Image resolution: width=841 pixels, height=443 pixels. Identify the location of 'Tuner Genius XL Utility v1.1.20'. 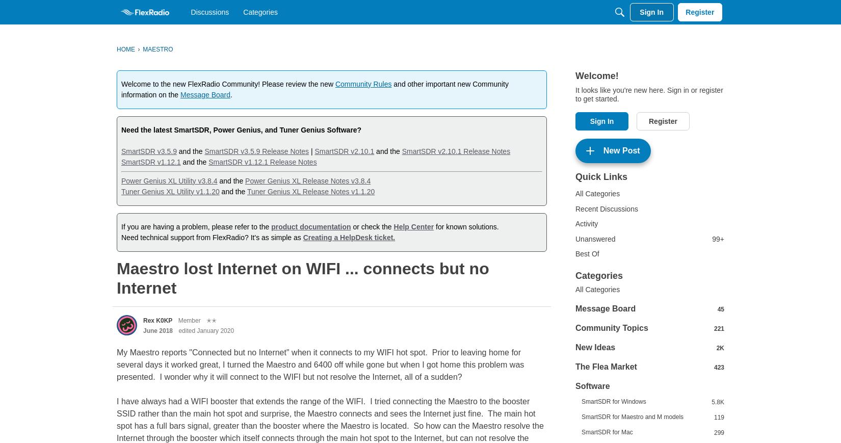
(170, 191).